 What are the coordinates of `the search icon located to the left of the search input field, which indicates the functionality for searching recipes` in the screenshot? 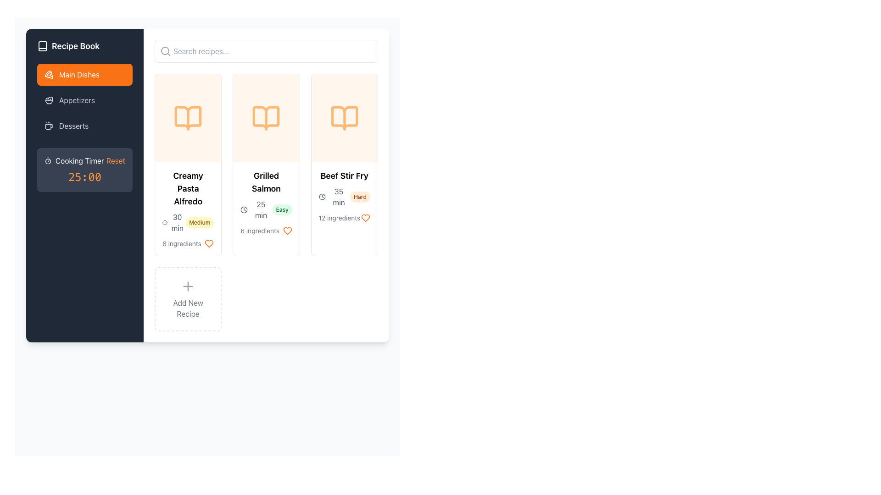 It's located at (165, 51).